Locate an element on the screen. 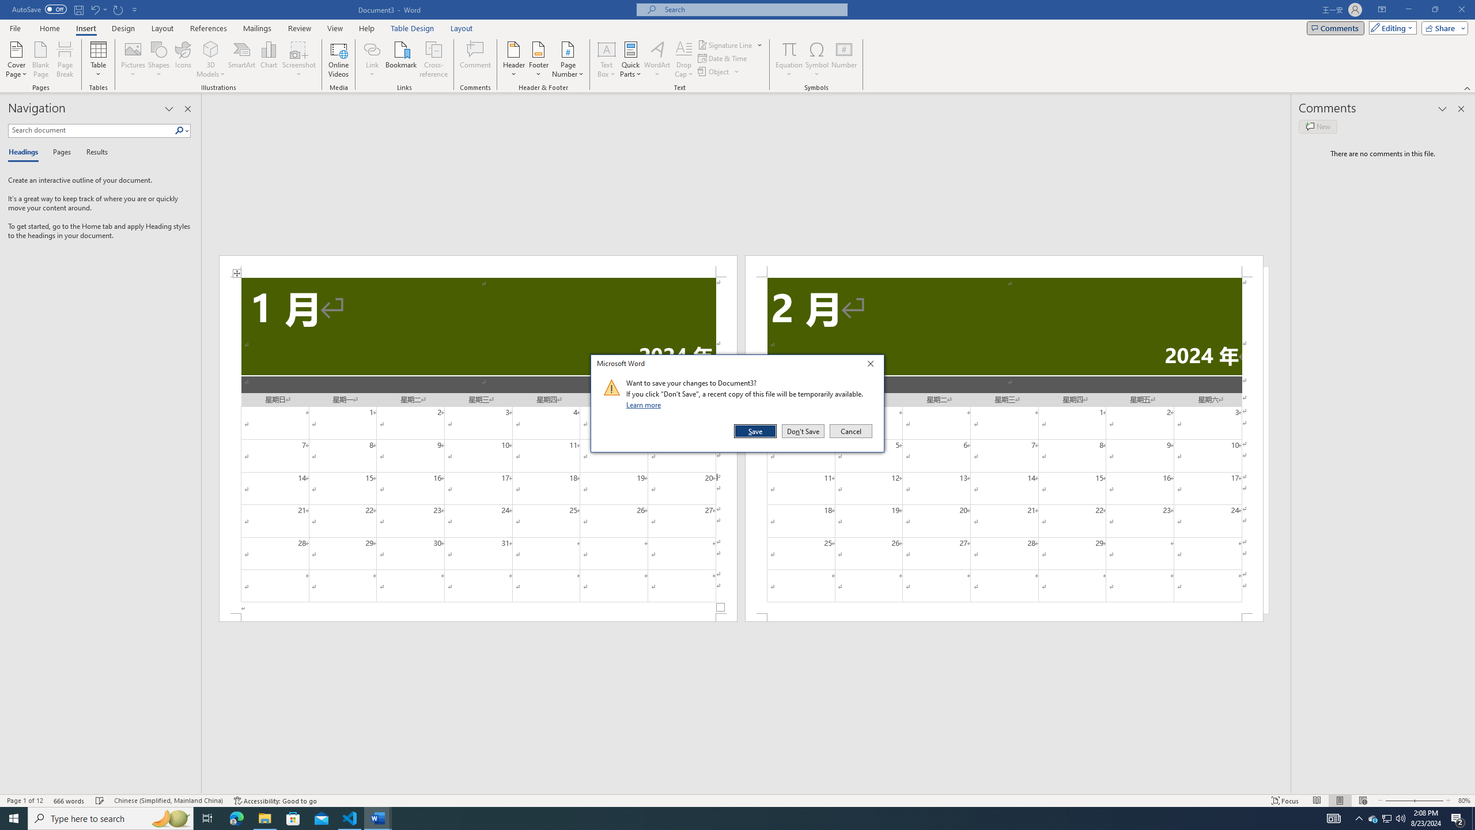 The height and width of the screenshot is (830, 1475). 'AutomationID: 4105' is located at coordinates (1334, 817).